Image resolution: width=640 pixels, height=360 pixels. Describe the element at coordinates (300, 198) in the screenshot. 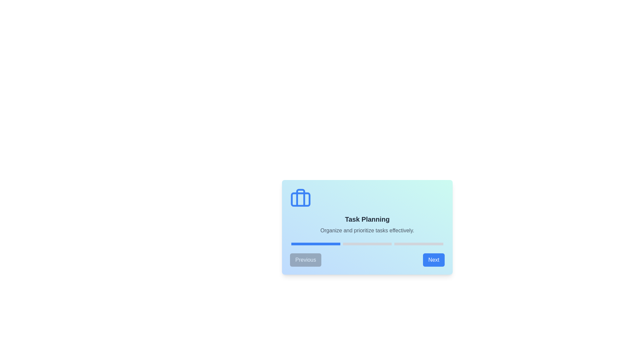

I see `the icon to focus on it` at that location.